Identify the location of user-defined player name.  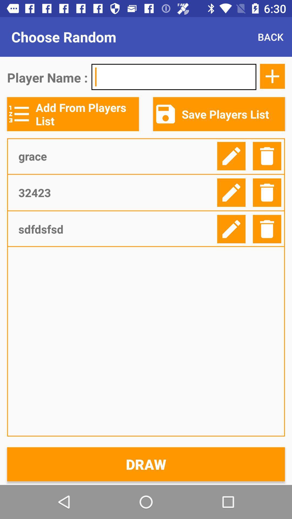
(174, 76).